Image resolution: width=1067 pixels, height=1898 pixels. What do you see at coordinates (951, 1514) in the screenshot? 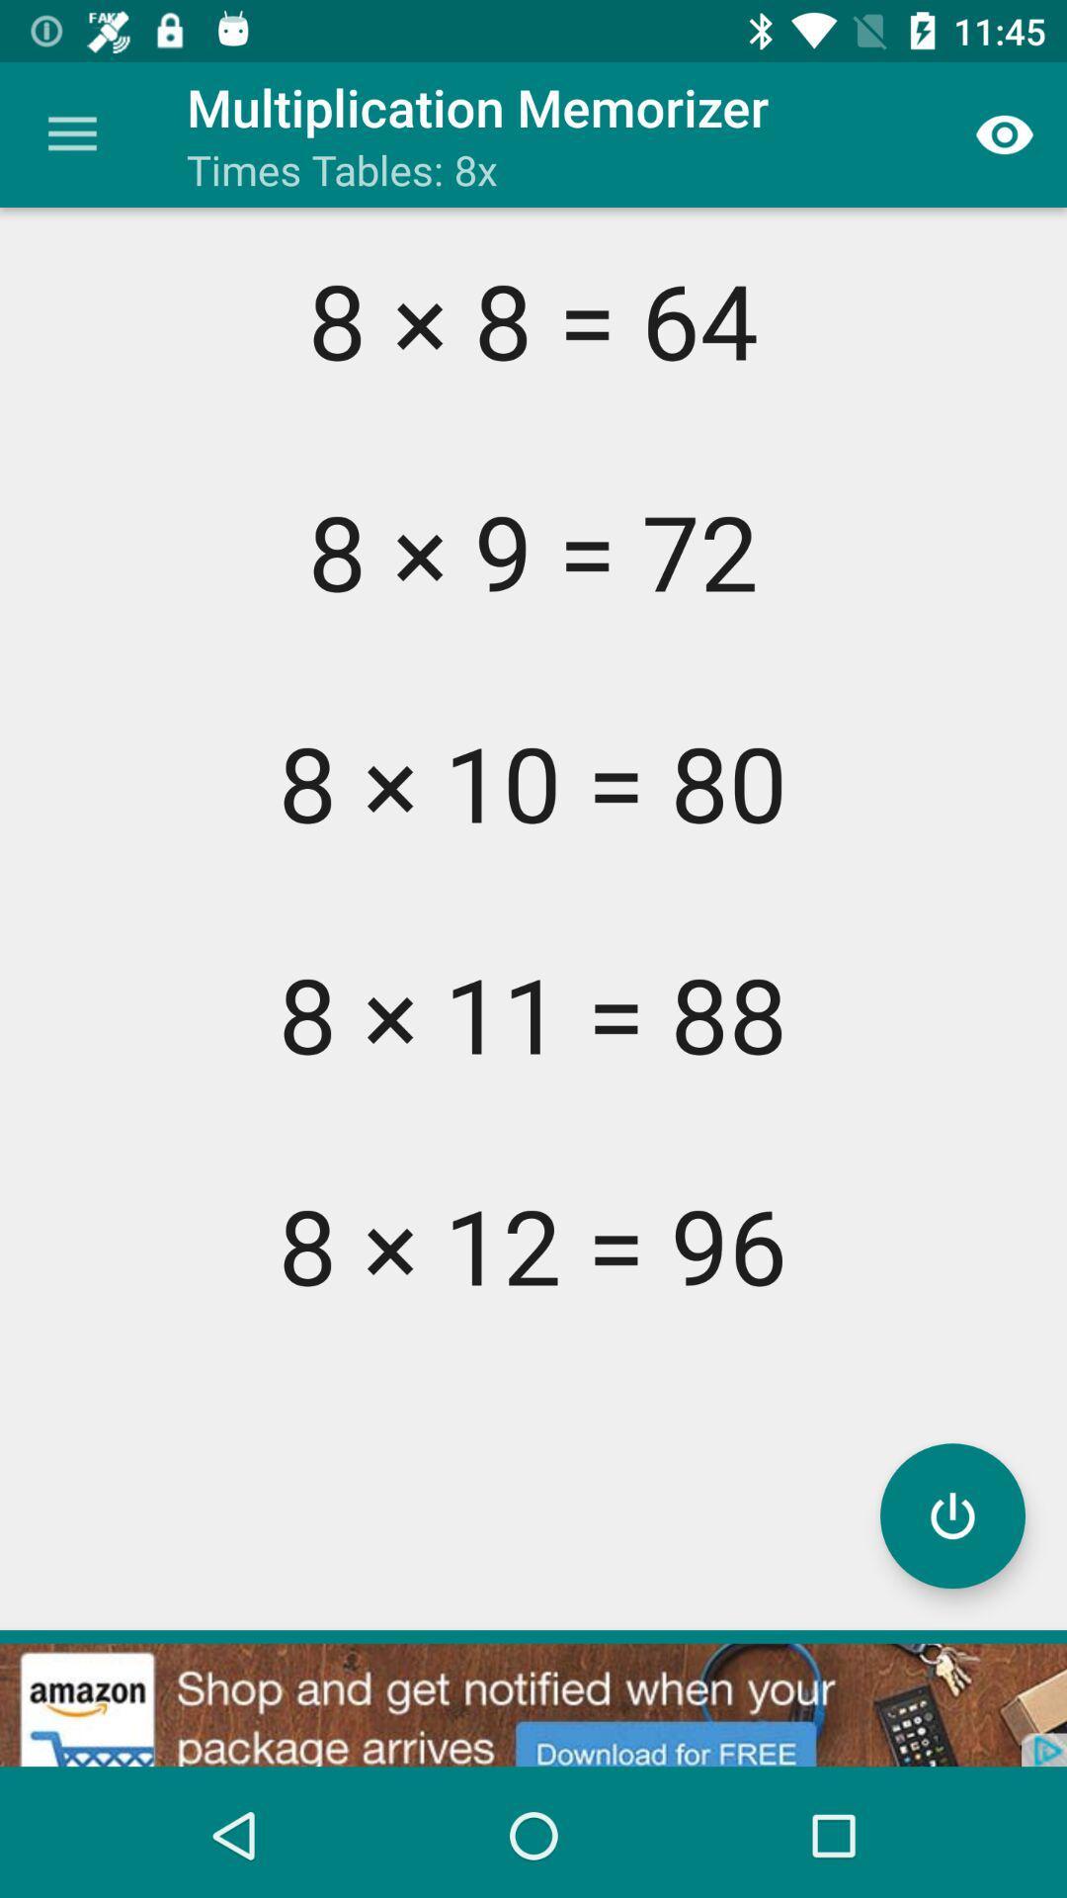
I see `the power icon` at bounding box center [951, 1514].